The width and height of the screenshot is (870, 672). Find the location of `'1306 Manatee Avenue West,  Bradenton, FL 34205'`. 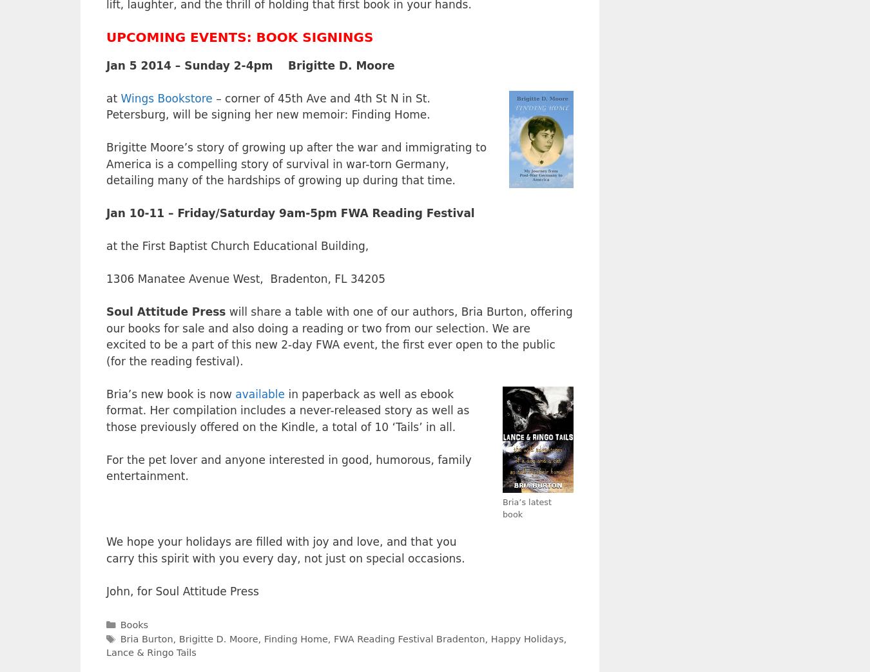

'1306 Manatee Avenue West,  Bradenton, FL 34205' is located at coordinates (245, 278).